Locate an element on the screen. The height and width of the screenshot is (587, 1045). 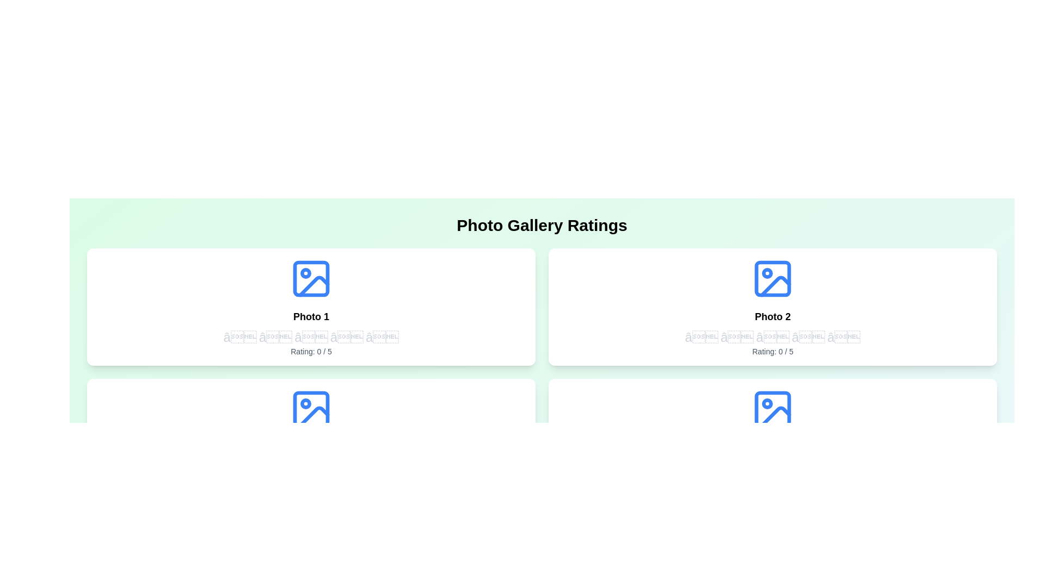
the rating of the first photo to 3 stars is located at coordinates (310, 337).